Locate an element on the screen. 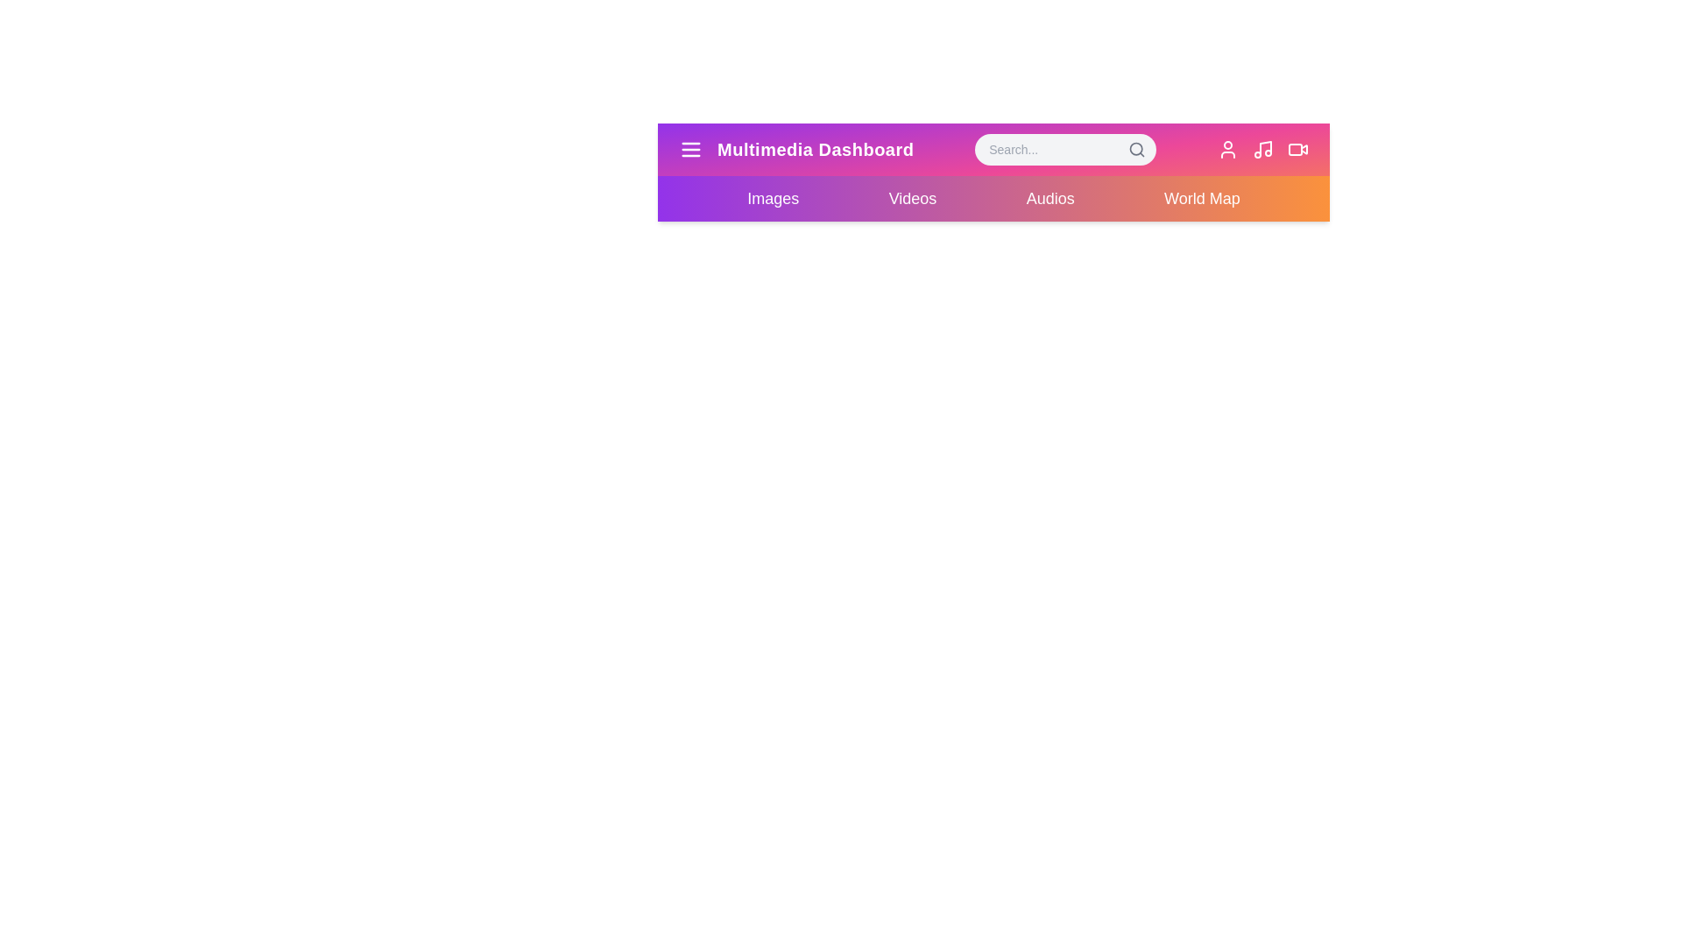 This screenshot has height=946, width=1682. the menu icon to open the menu is located at coordinates (689, 148).